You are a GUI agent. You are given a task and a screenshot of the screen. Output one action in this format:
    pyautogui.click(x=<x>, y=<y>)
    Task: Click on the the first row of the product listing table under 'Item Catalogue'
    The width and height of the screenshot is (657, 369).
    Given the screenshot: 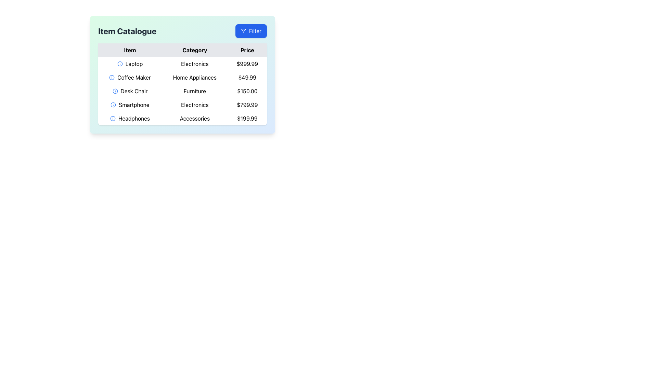 What is the action you would take?
    pyautogui.click(x=182, y=64)
    